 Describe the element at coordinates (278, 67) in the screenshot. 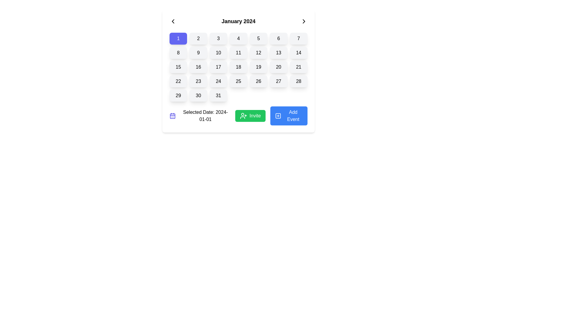

I see `the date button representing '20' in the calendar interface, located in the third row and sixth column of the grid` at that location.